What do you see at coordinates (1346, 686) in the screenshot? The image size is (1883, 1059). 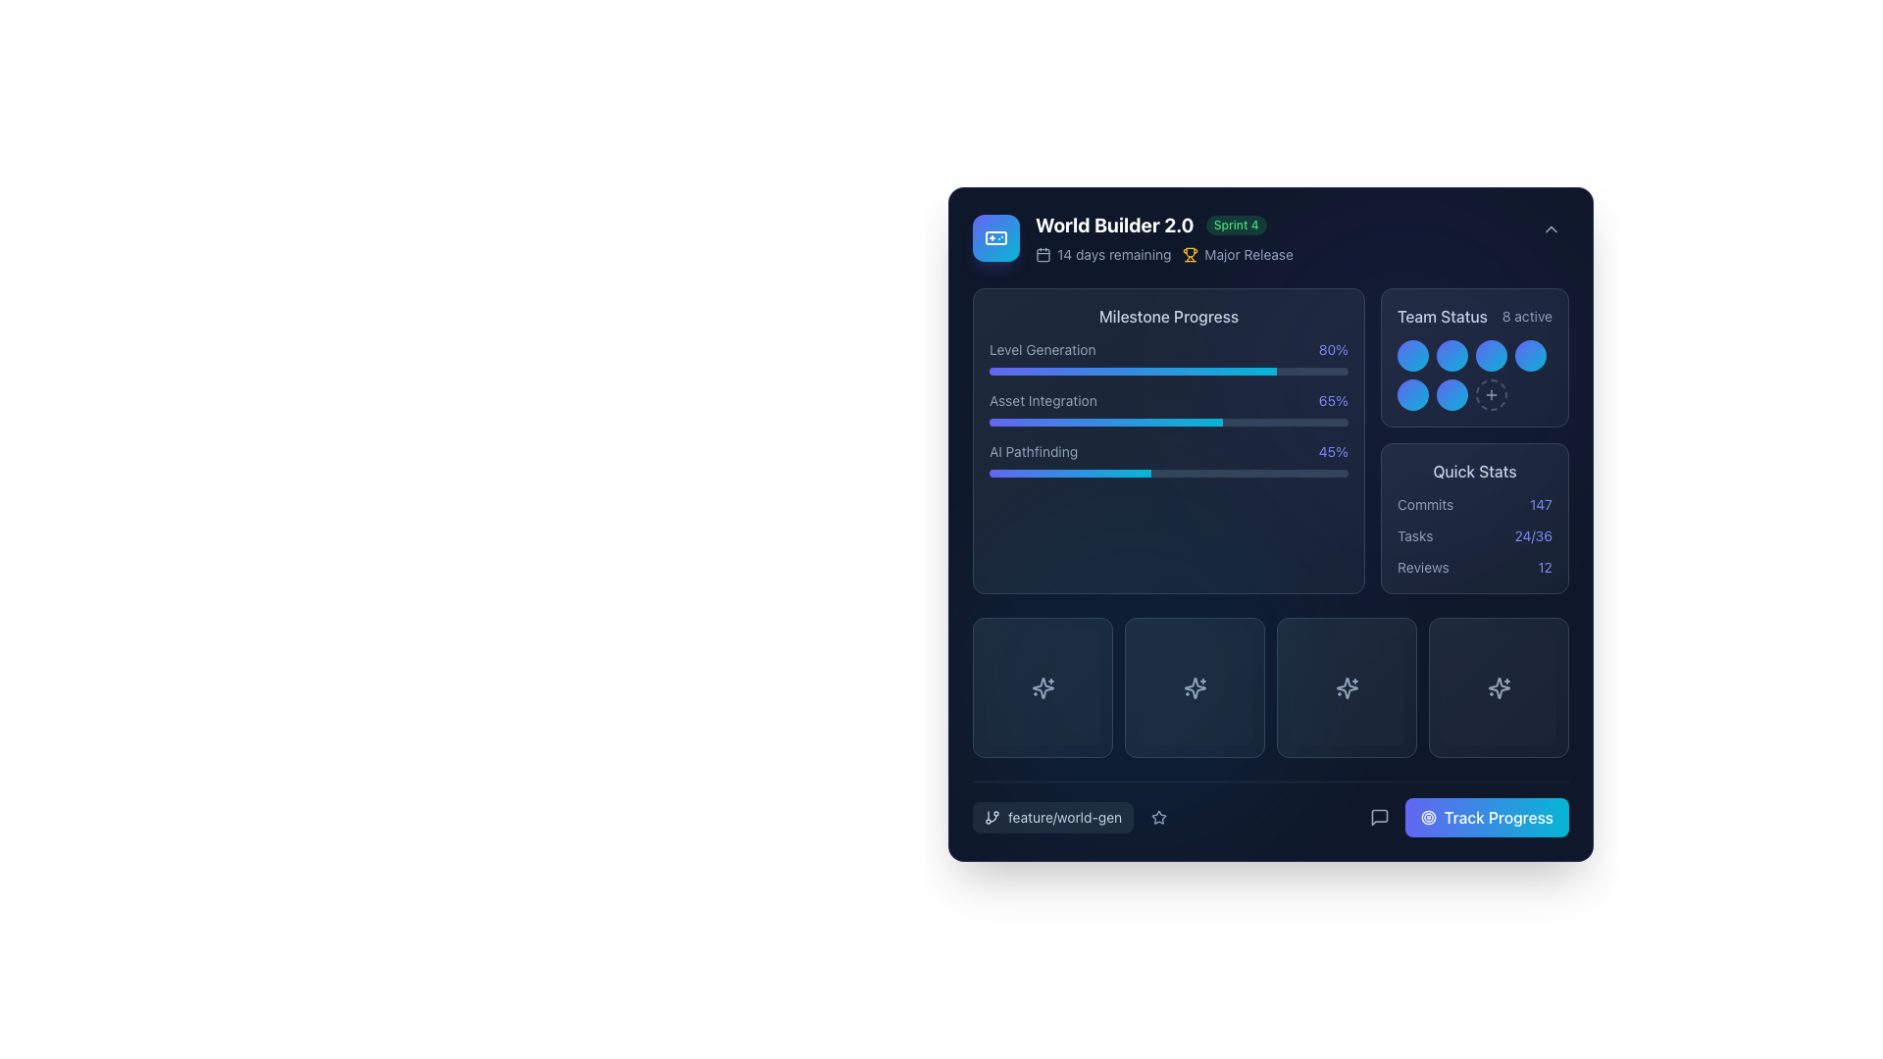 I see `the star-like icon with a sparkly design that represents special features, located inside the third square of a row of four square containers at the bottom of the panel` at bounding box center [1346, 686].